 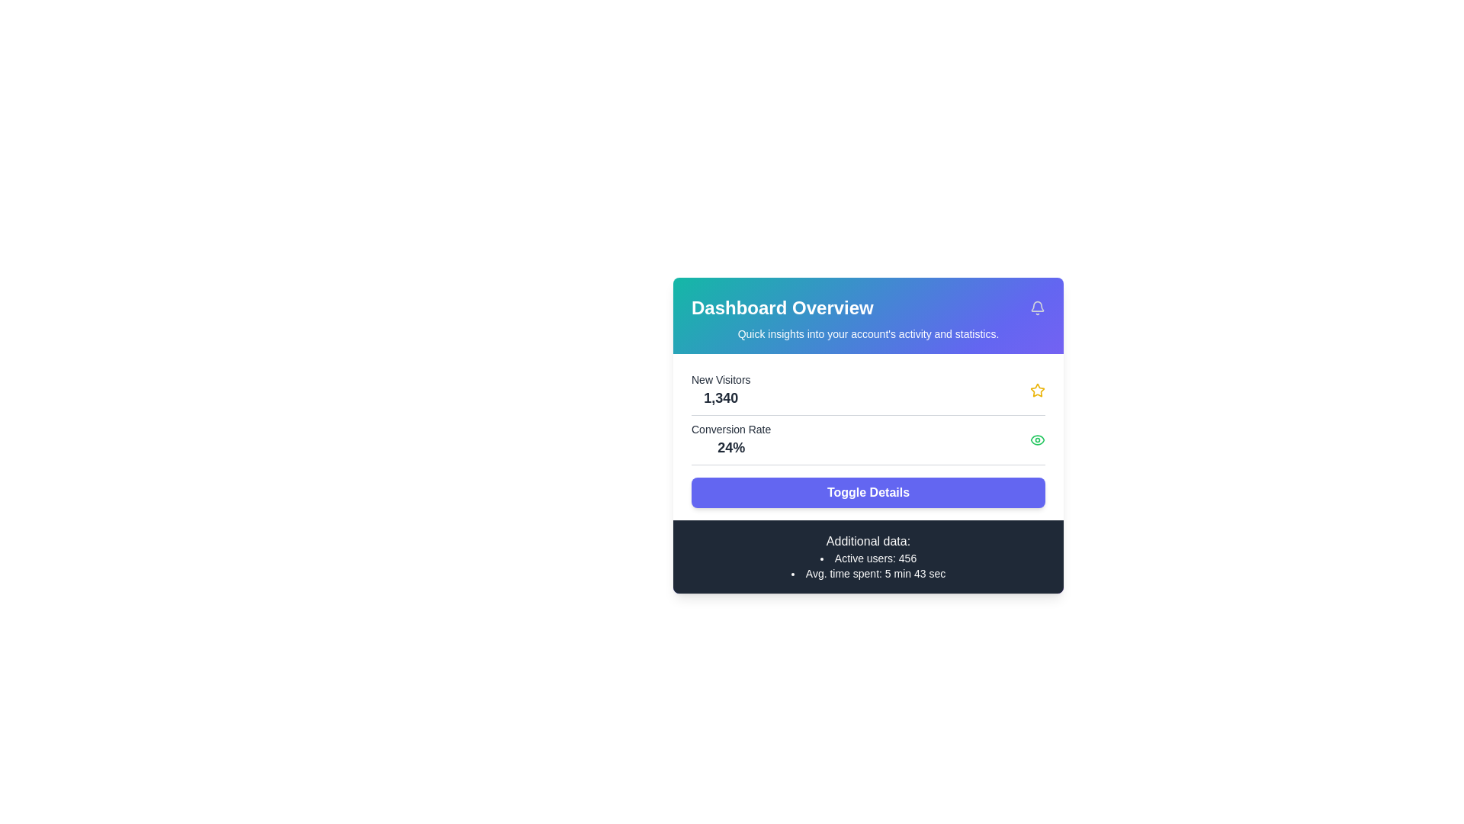 I want to click on the star-shaped icon with a yellow outline to favorite the item in the Dashboard Overview card, so click(x=1036, y=388).